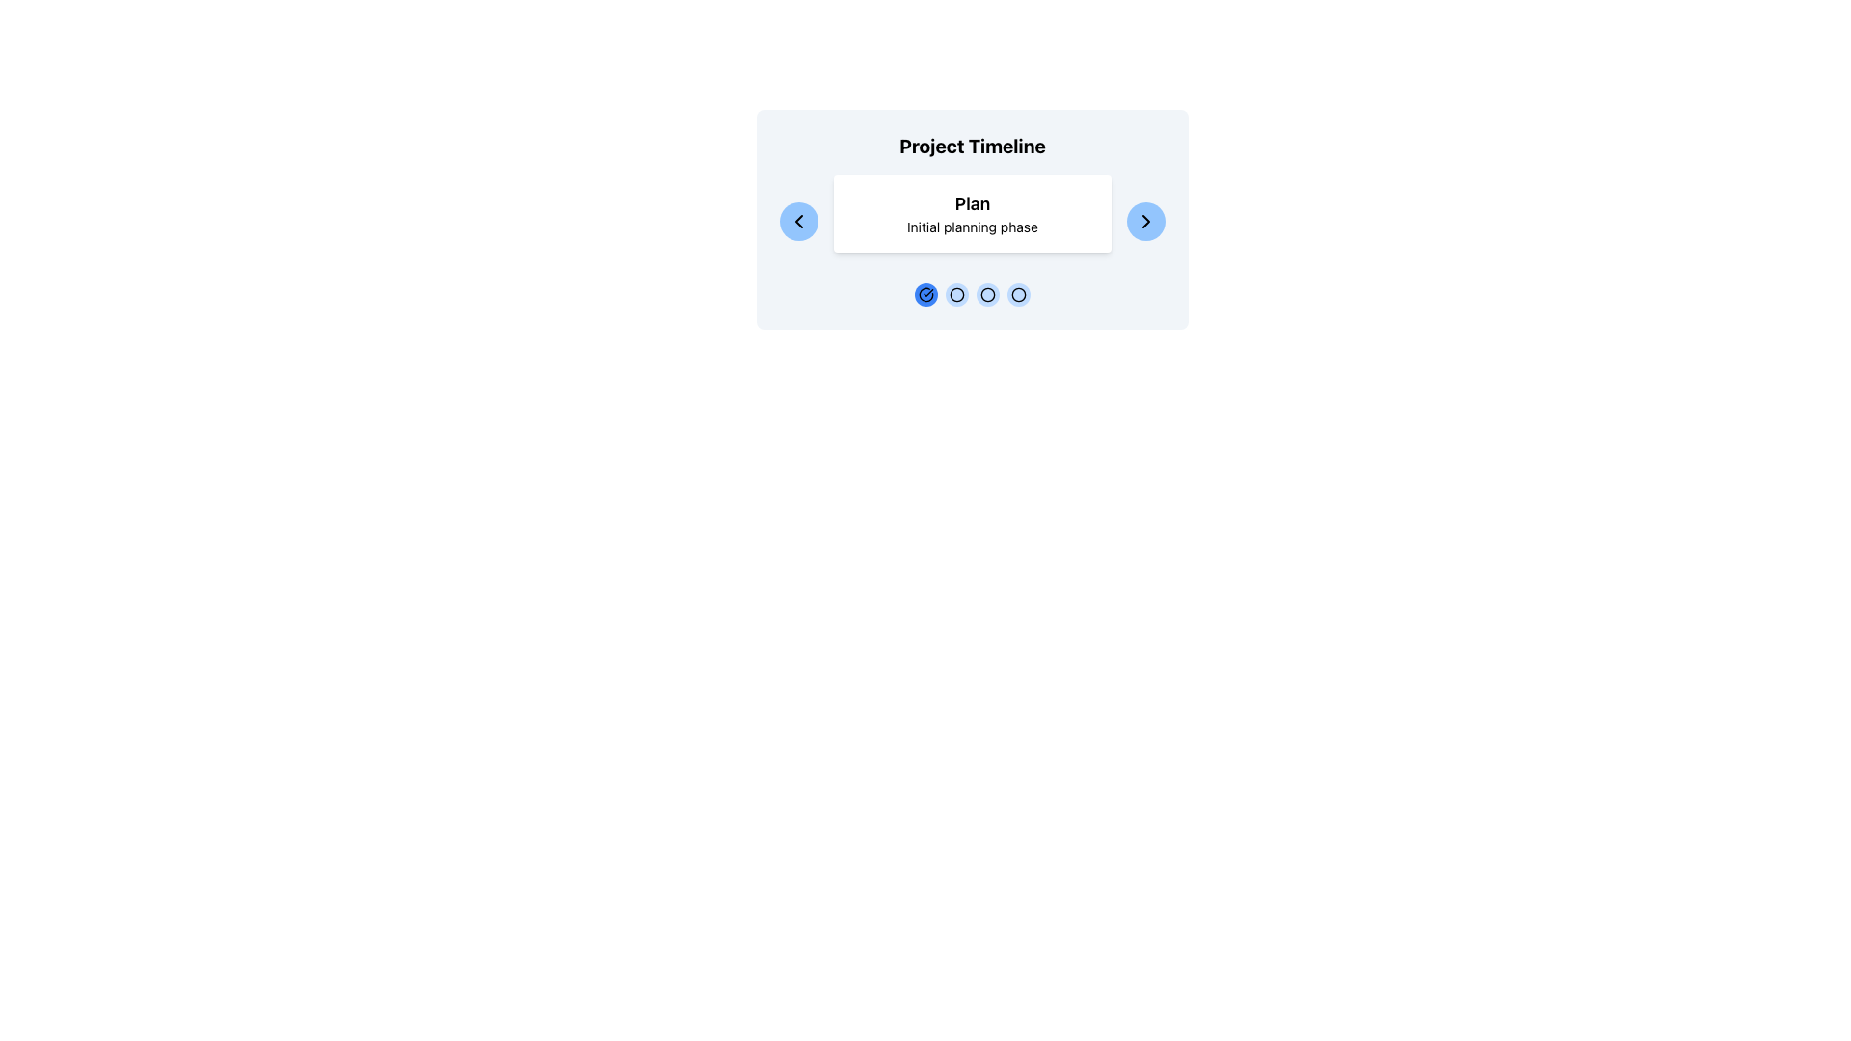  Describe the element at coordinates (988, 294) in the screenshot. I see `the small circular button with a blue background that resembles a target symbol, positioned as the third circle in a horizontal group of five at the bottom center of the interface` at that location.